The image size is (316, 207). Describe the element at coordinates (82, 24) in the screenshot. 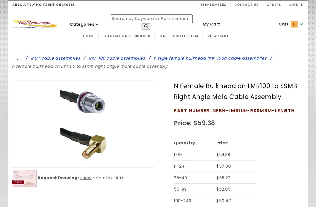

I see `'Categories'` at that location.